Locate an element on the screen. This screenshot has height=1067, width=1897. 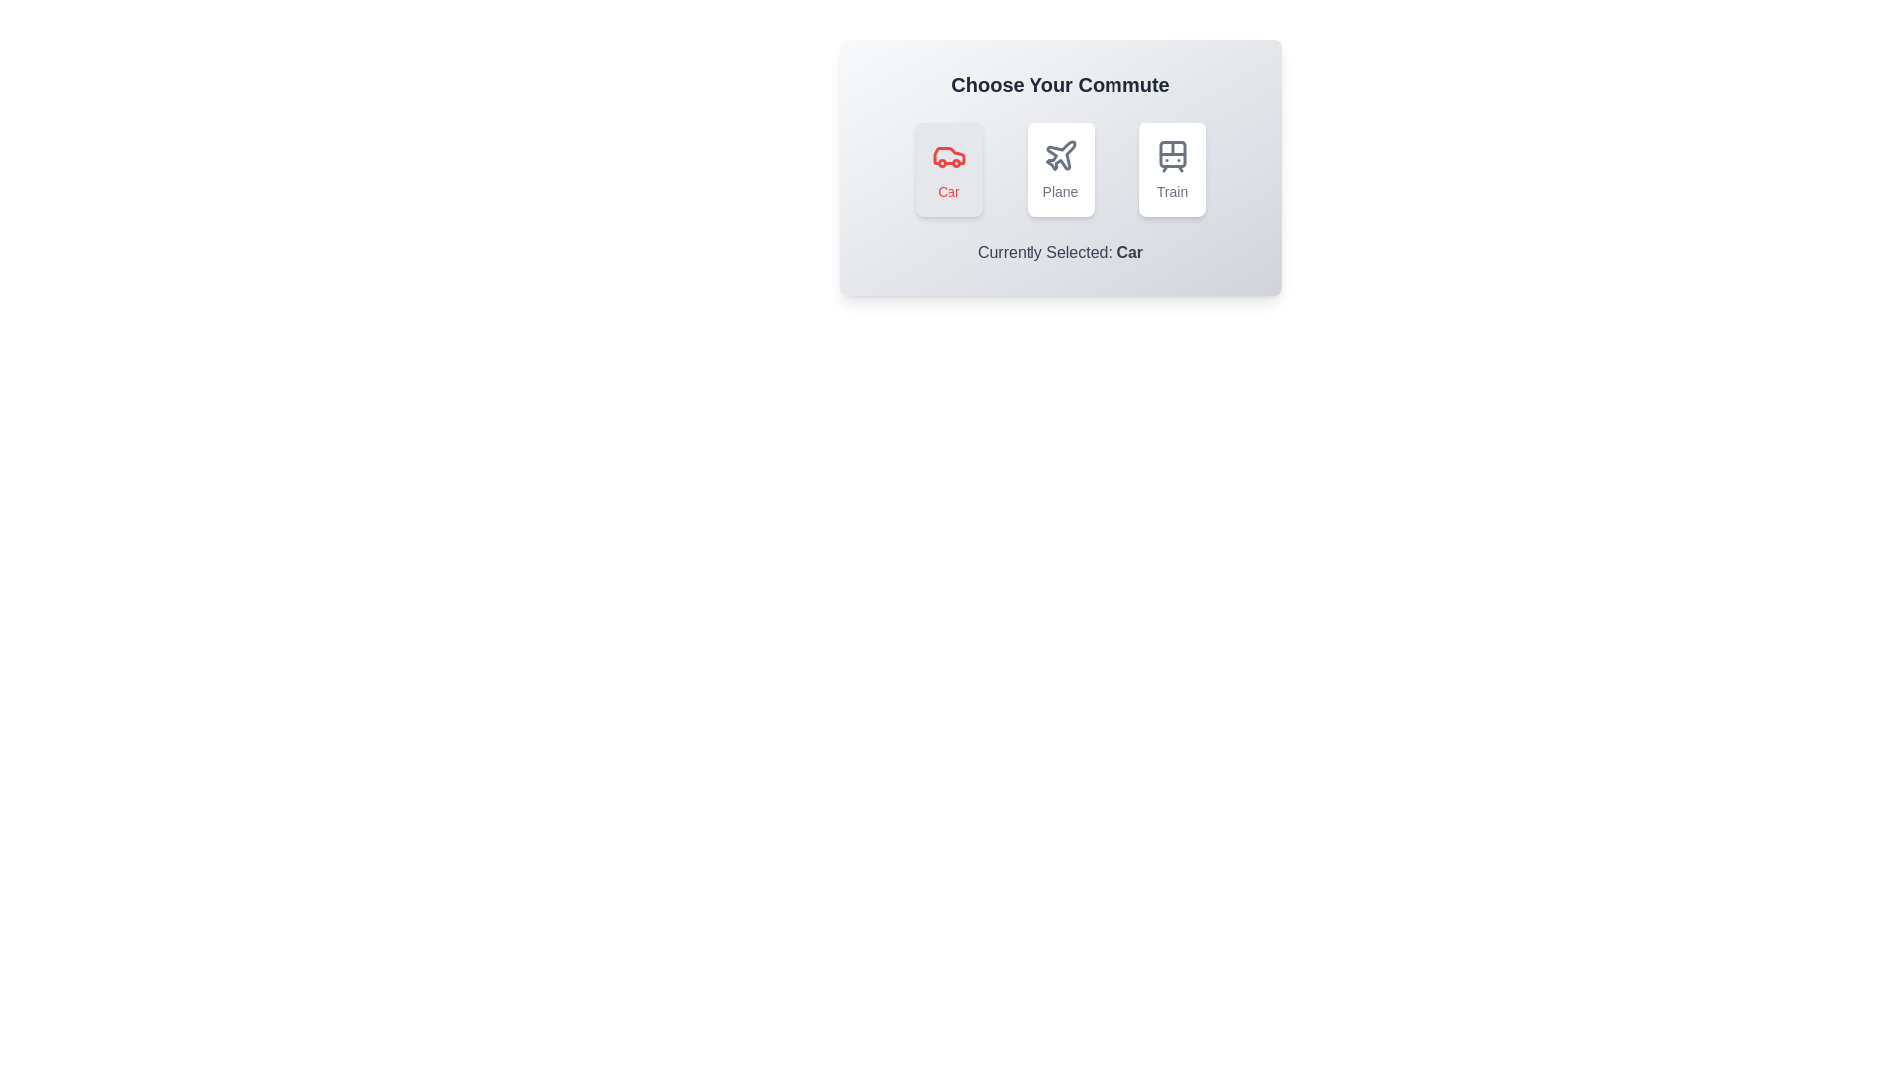
the button corresponding to the transportation mode Train is located at coordinates (1172, 169).